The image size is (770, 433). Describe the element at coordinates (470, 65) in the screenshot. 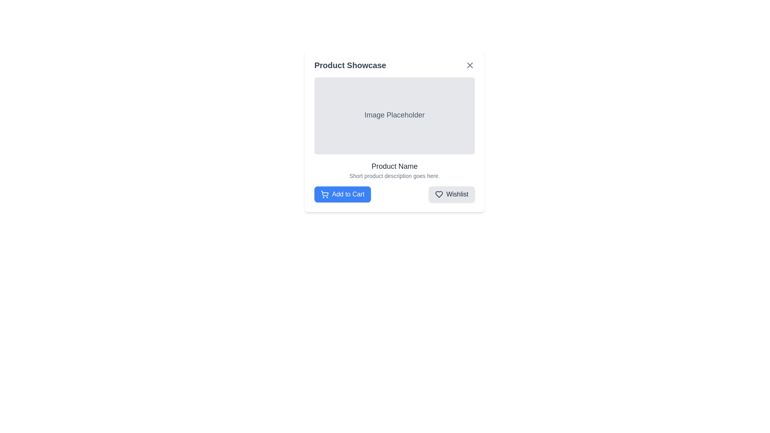

I see `the small rectangular 'X' button located at the top-right corner of the 'Product Showcase' card to observe the color change from gray to red` at that location.